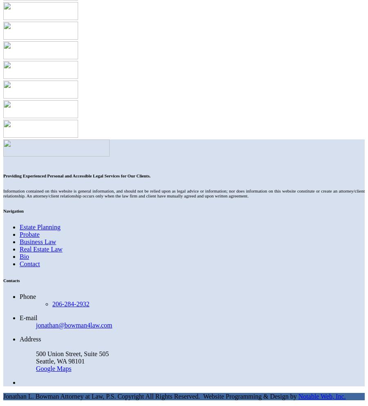 The width and height of the screenshot is (368, 406). What do you see at coordinates (40, 249) in the screenshot?
I see `'Real Estate Law'` at bounding box center [40, 249].